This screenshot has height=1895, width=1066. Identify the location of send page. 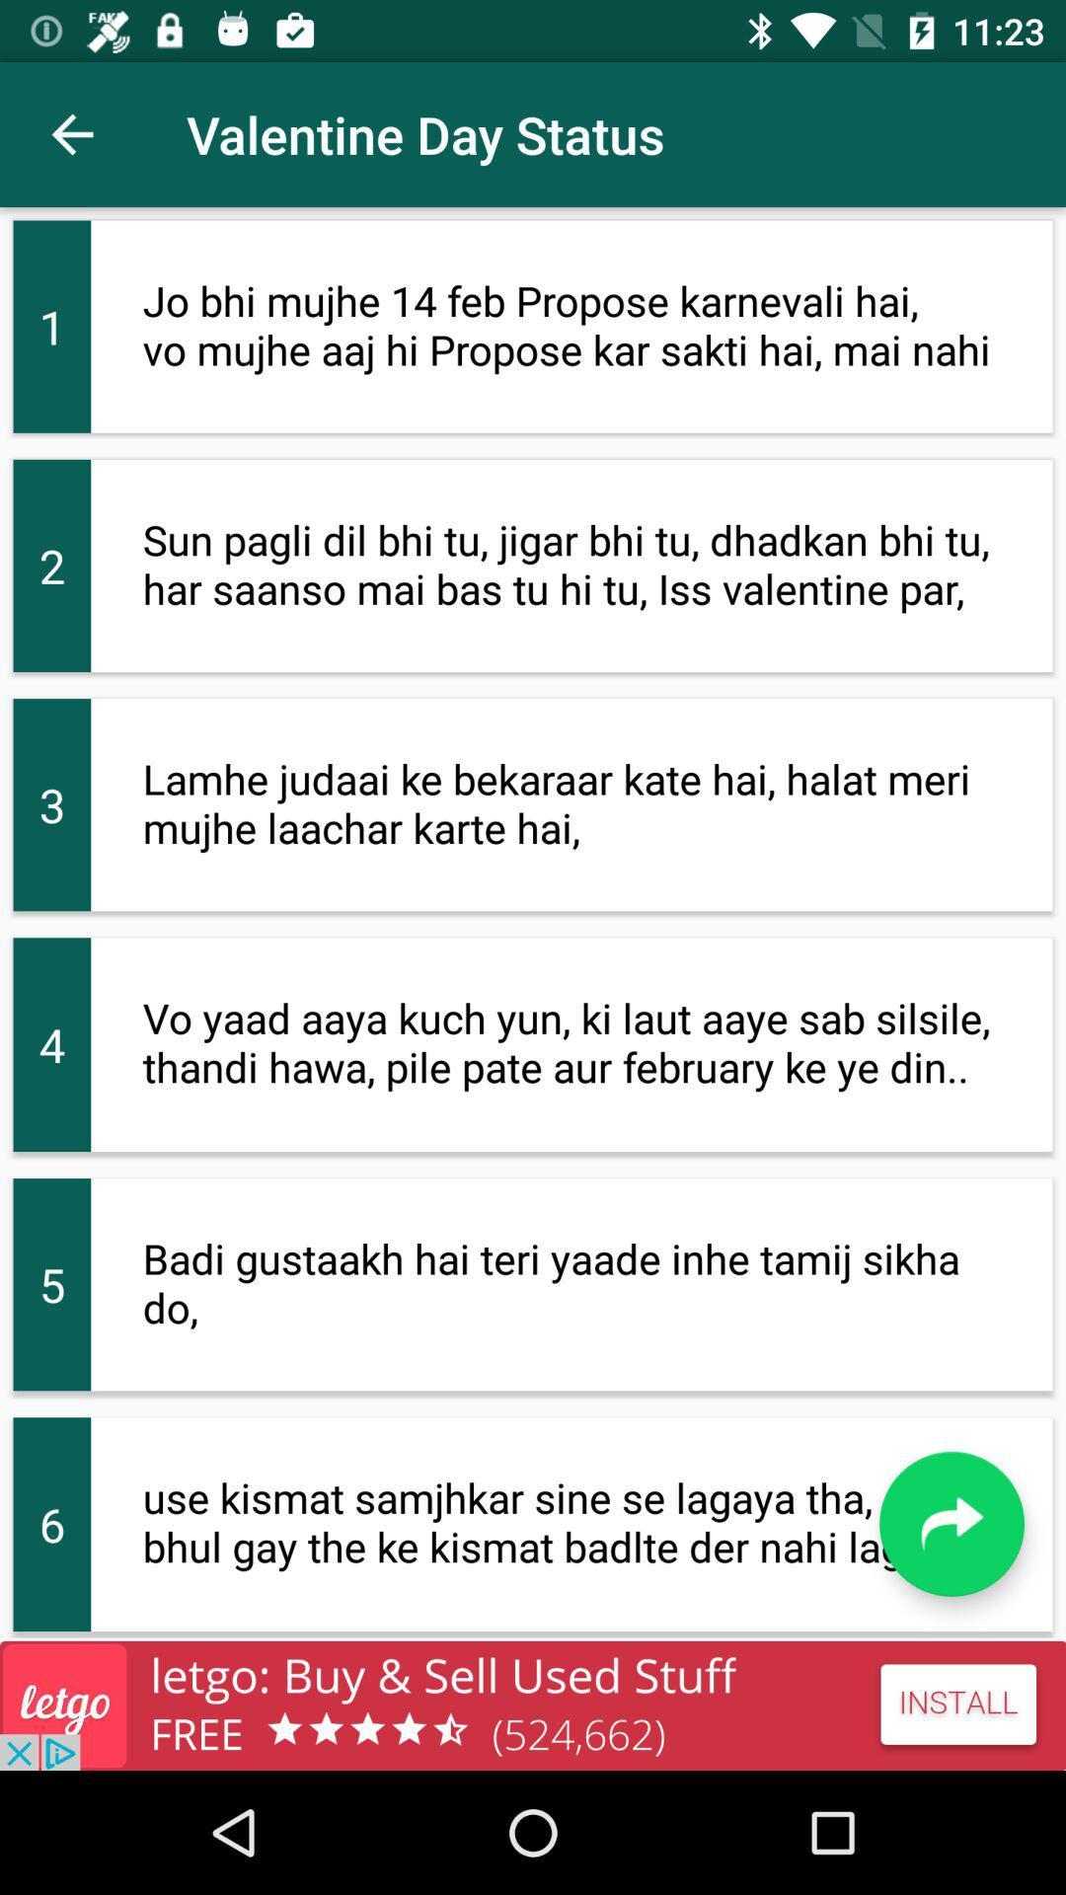
(951, 1523).